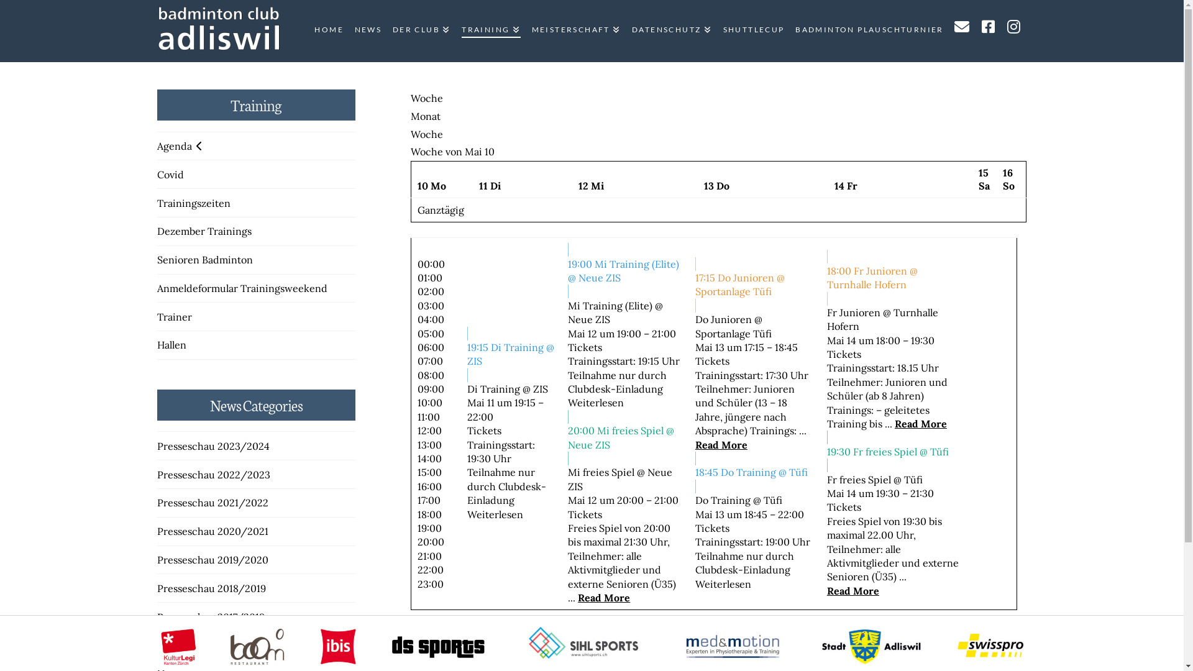  I want to click on 'Presseschau 2019/2020', so click(212, 560).